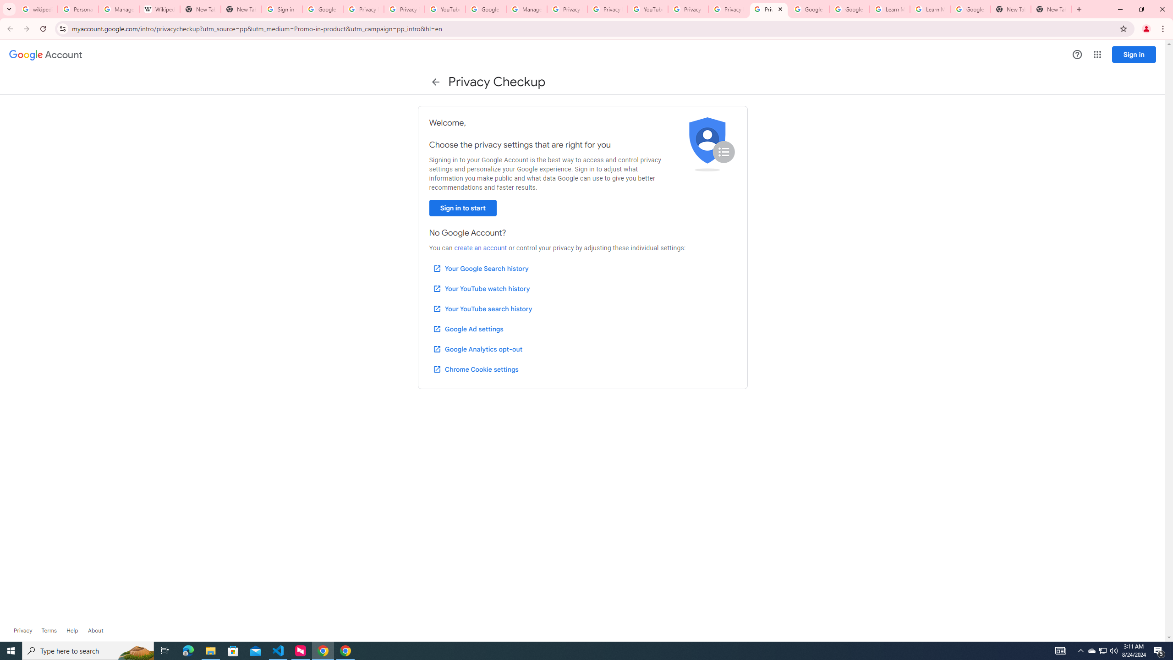  I want to click on 'Personalization & Google Search results - Google Search Help', so click(78, 9).